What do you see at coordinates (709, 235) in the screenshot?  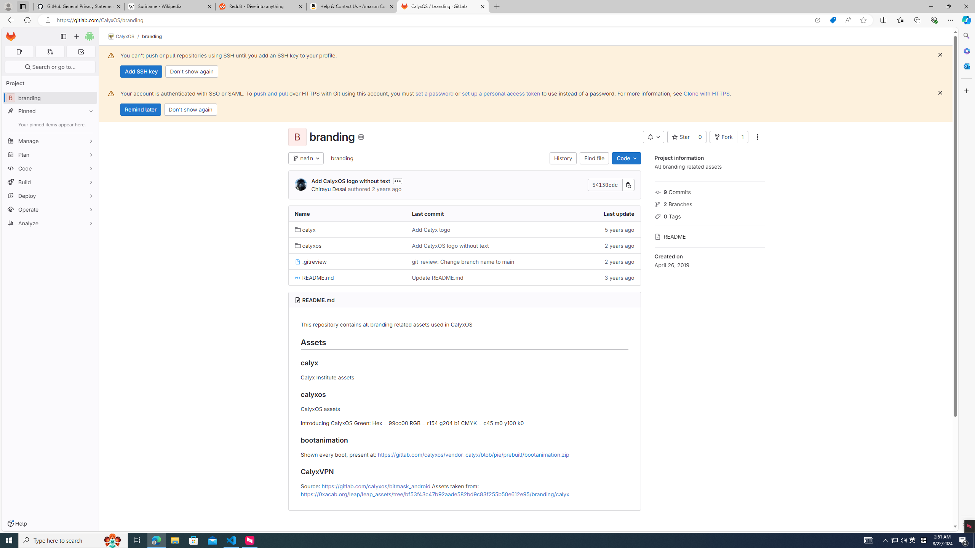 I see `'README'` at bounding box center [709, 235].